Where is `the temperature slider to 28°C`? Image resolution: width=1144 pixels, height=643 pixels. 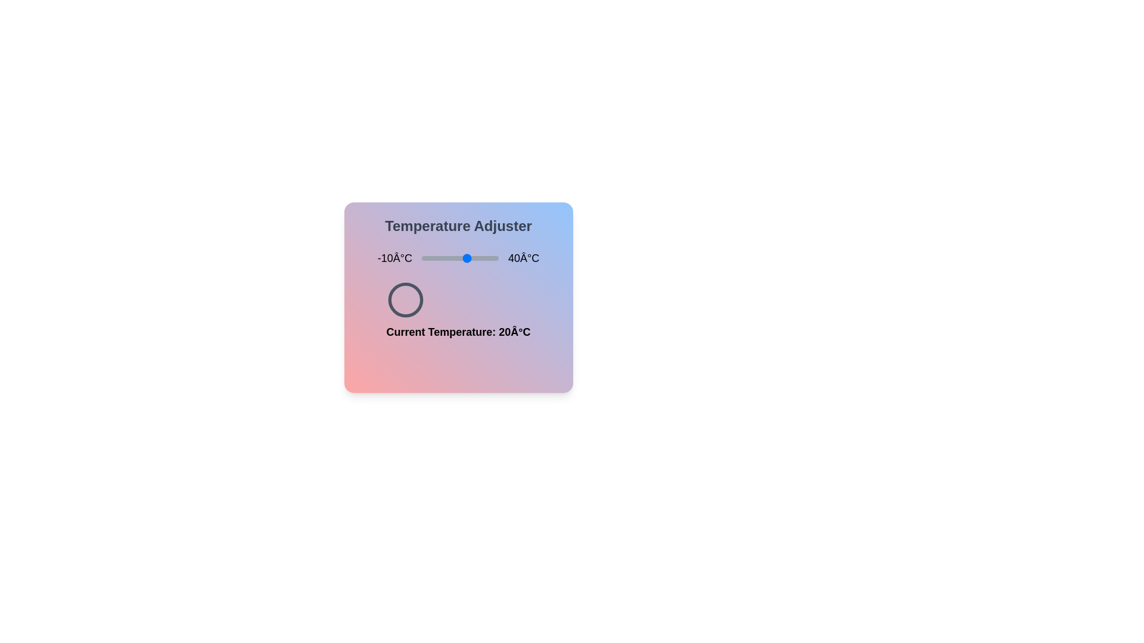 the temperature slider to 28°C is located at coordinates (480, 258).